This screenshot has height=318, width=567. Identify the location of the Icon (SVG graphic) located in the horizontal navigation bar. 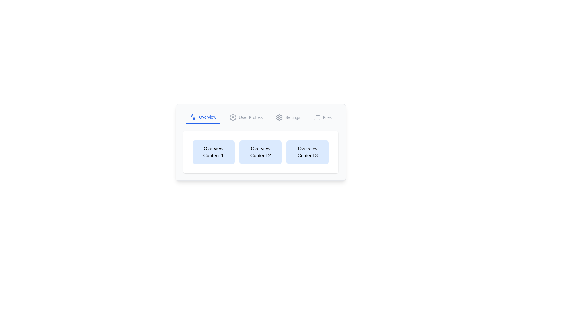
(193, 117).